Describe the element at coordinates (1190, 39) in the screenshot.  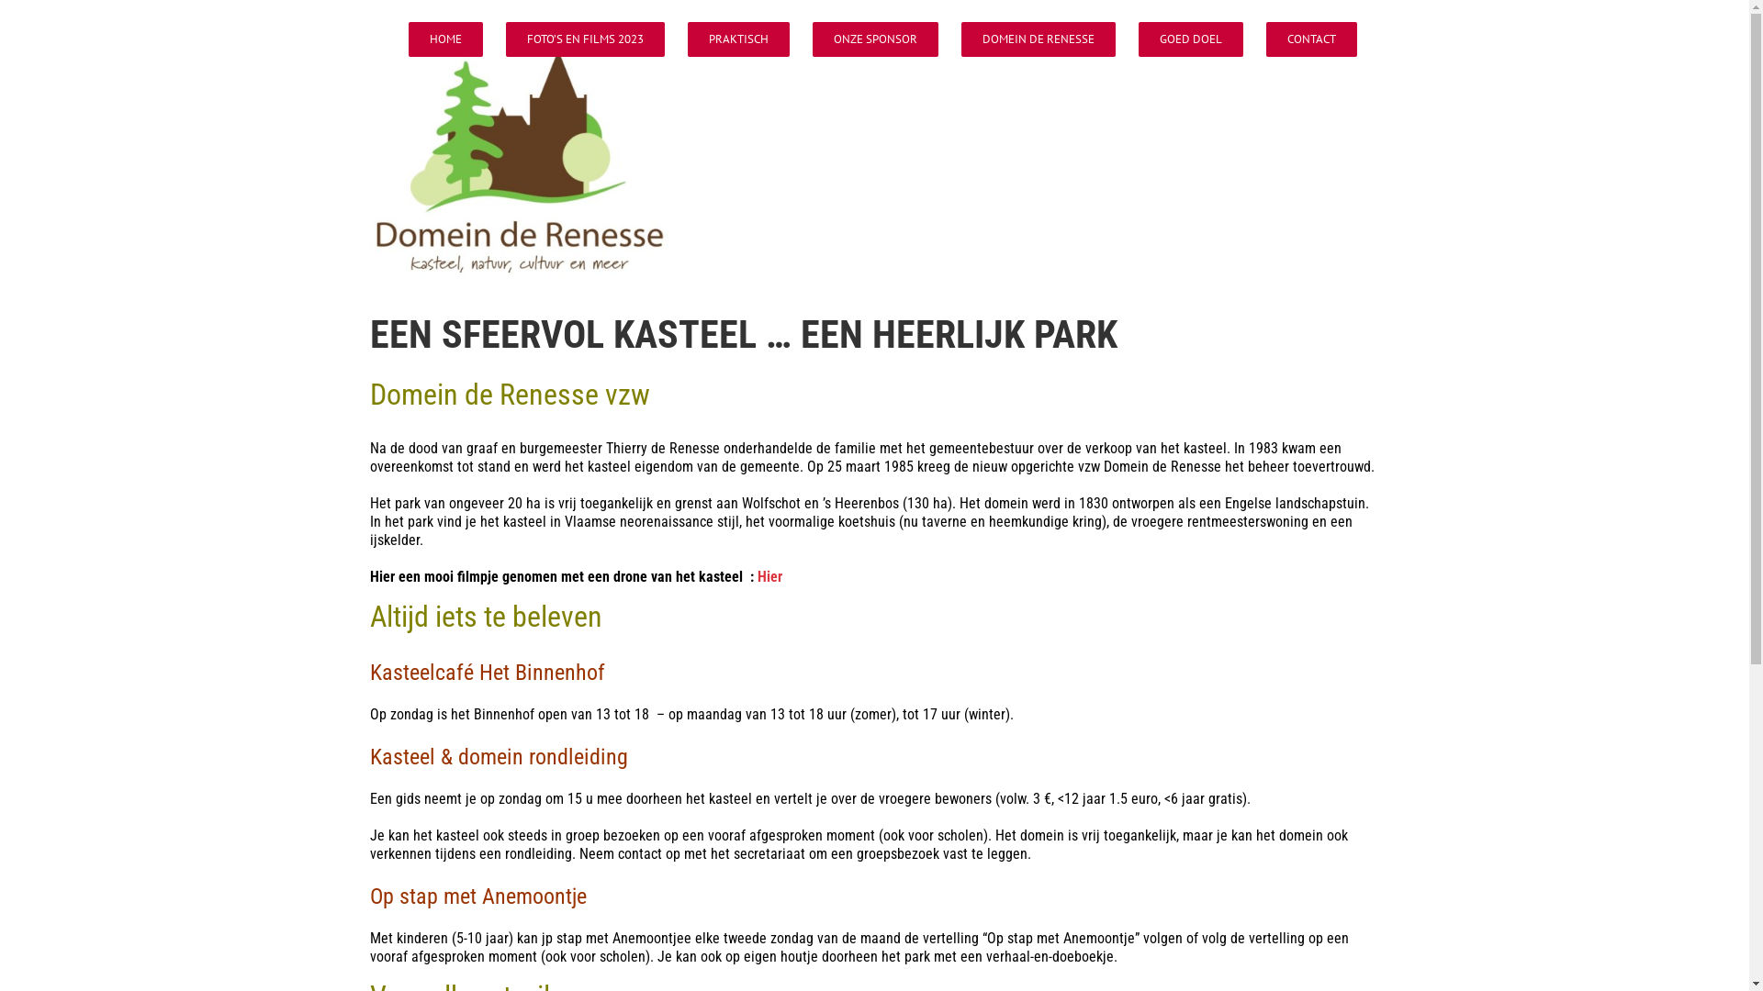
I see `'GOED DOEL'` at that location.